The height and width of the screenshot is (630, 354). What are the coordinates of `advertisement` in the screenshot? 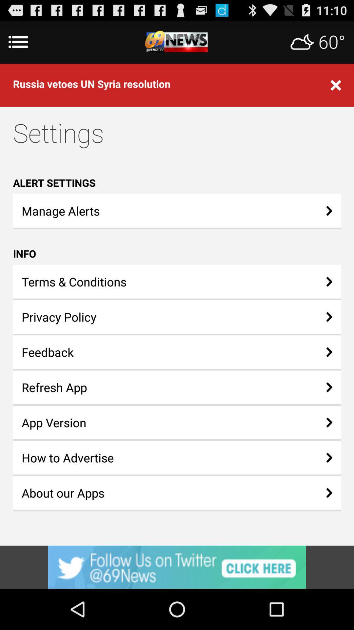 It's located at (177, 42).